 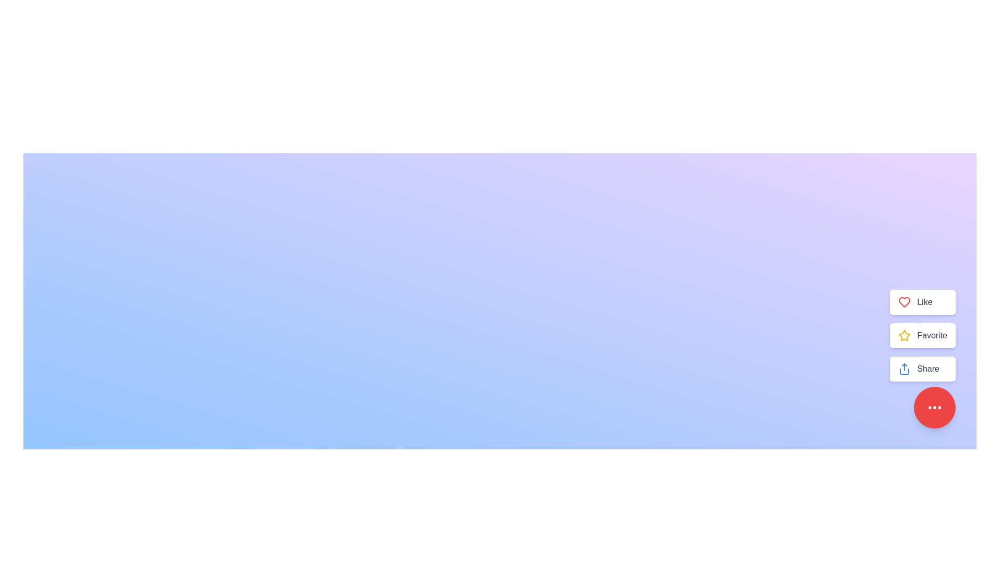 What do you see at coordinates (923, 336) in the screenshot?
I see `the 'Favorite' button` at bounding box center [923, 336].